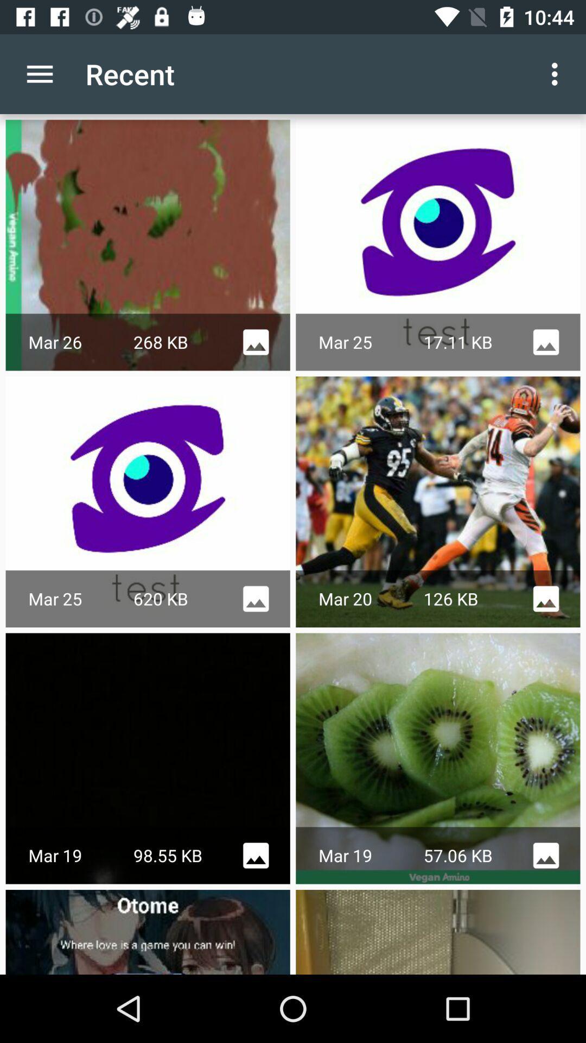 Image resolution: width=586 pixels, height=1043 pixels. Describe the element at coordinates (39, 73) in the screenshot. I see `the icon to the left of the recent icon` at that location.